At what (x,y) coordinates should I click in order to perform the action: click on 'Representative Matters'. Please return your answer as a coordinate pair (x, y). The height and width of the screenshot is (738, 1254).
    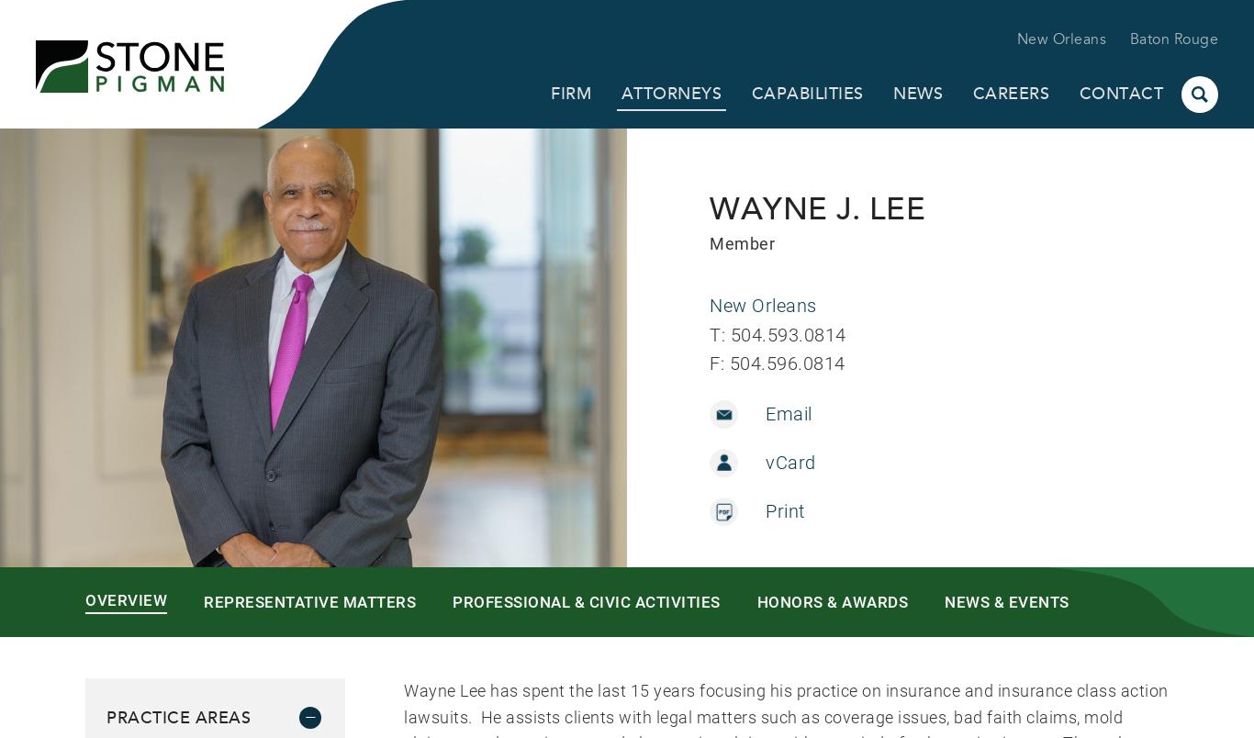
    Looking at the image, I should click on (309, 600).